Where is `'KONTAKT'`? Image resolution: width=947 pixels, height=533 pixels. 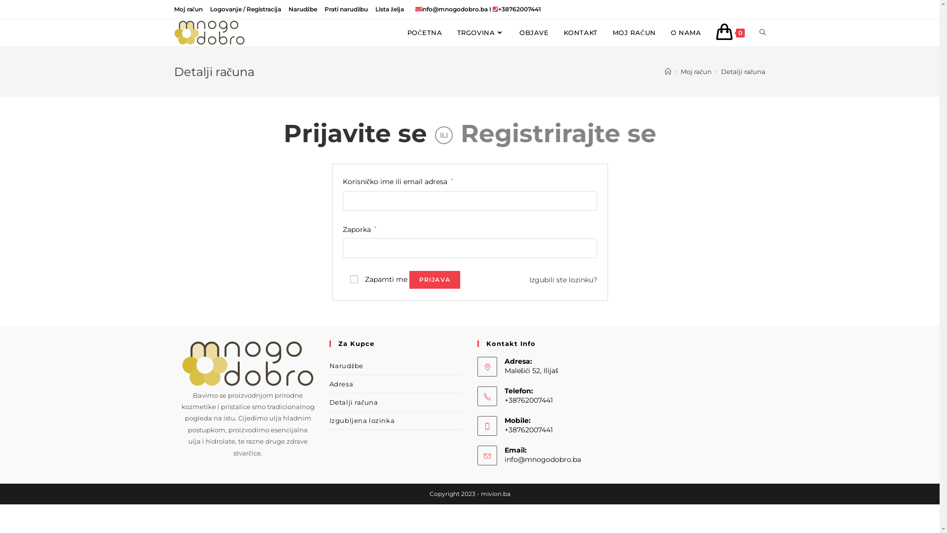
'KONTAKT' is located at coordinates (581, 32).